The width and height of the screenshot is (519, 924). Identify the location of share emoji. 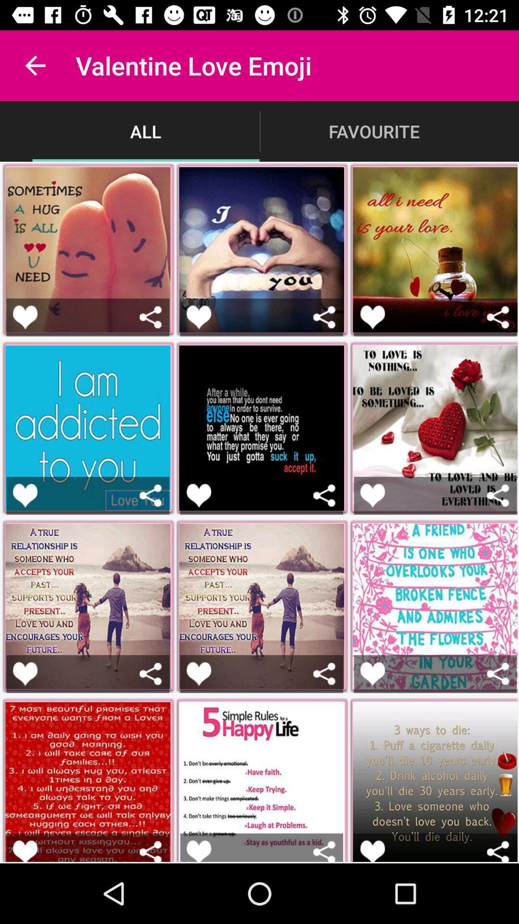
(150, 673).